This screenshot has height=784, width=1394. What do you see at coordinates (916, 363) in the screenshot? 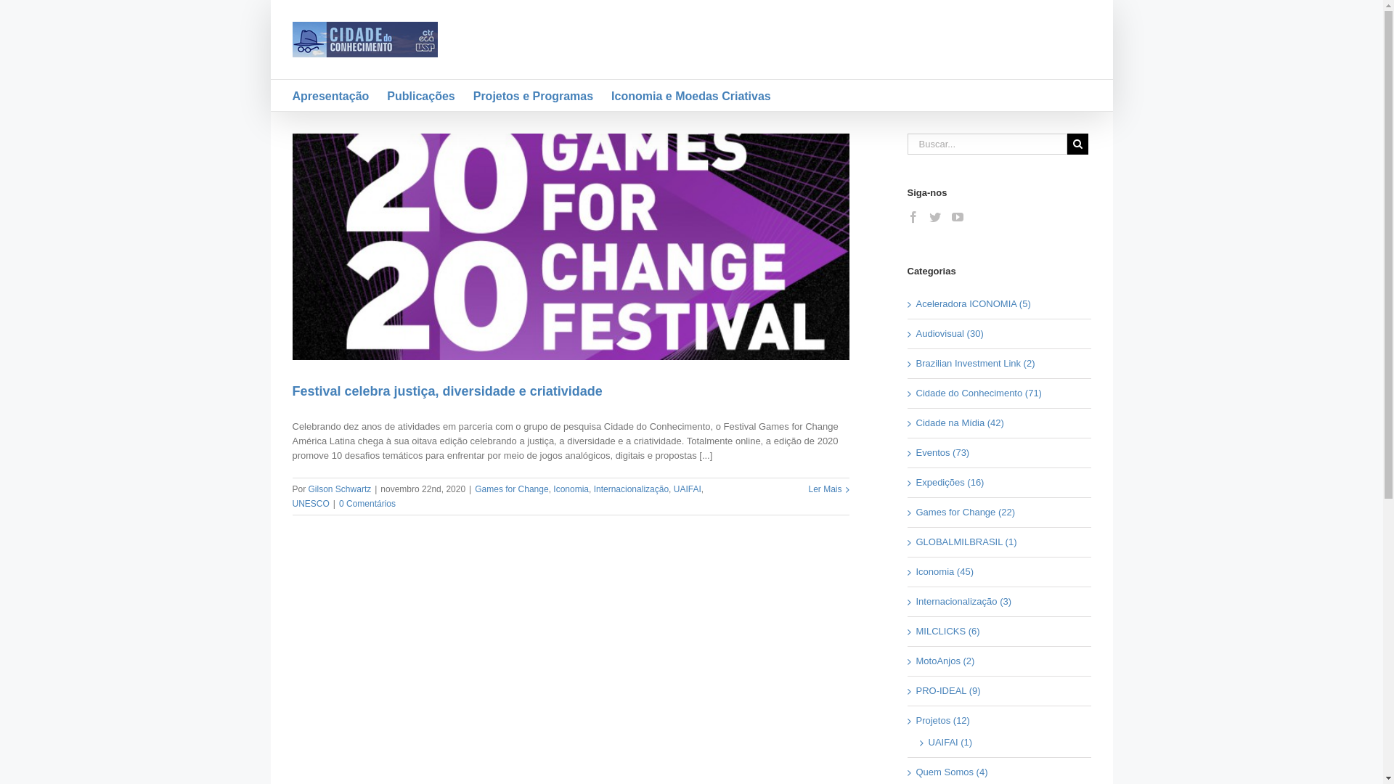
I see `'Brazilian Investment Link (2)'` at bounding box center [916, 363].